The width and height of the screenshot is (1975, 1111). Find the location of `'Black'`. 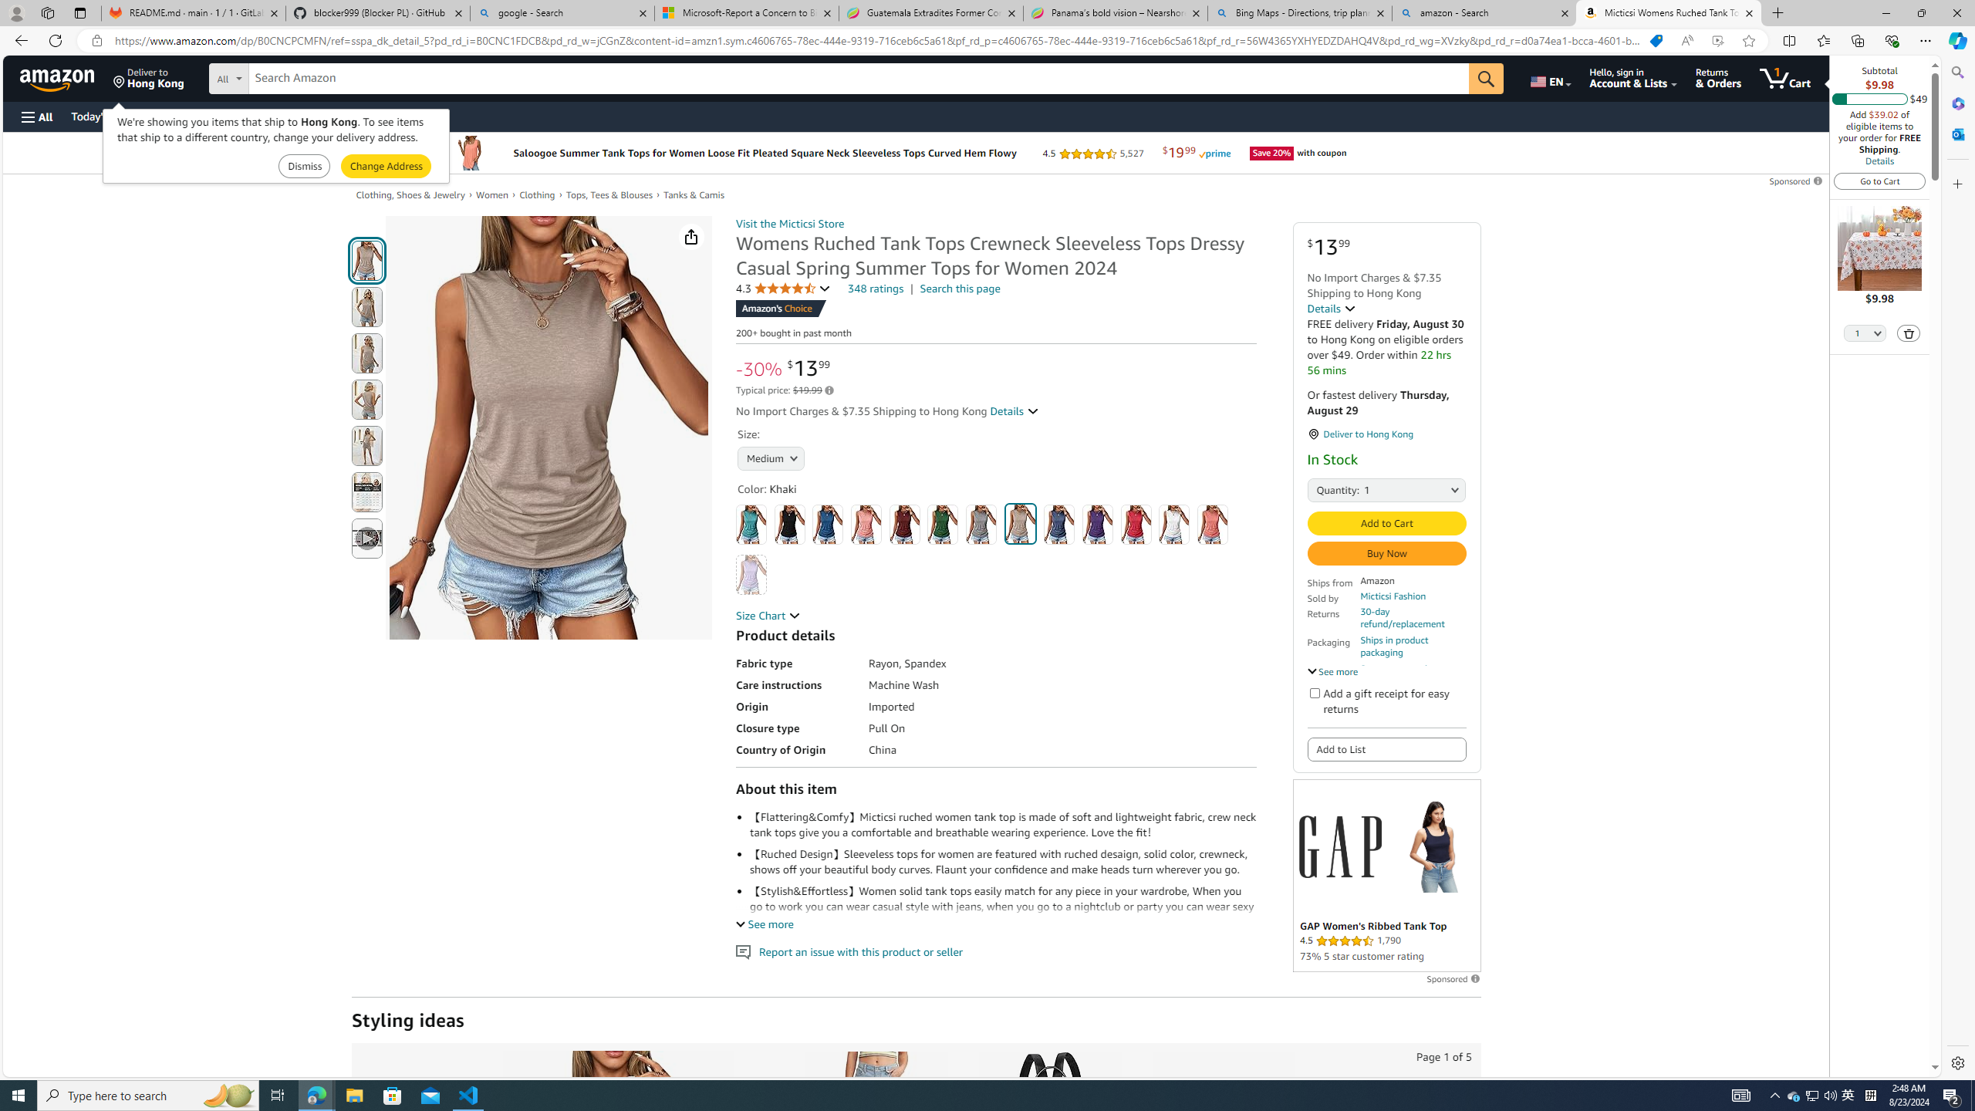

'Black' is located at coordinates (788, 524).